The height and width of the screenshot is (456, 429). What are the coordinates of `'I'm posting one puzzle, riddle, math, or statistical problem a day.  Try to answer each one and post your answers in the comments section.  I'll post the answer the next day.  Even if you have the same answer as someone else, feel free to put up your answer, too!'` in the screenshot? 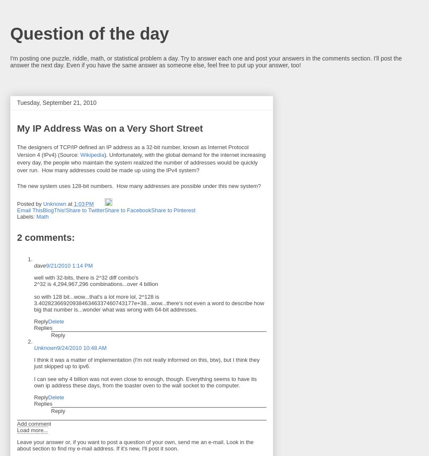 It's located at (206, 61).